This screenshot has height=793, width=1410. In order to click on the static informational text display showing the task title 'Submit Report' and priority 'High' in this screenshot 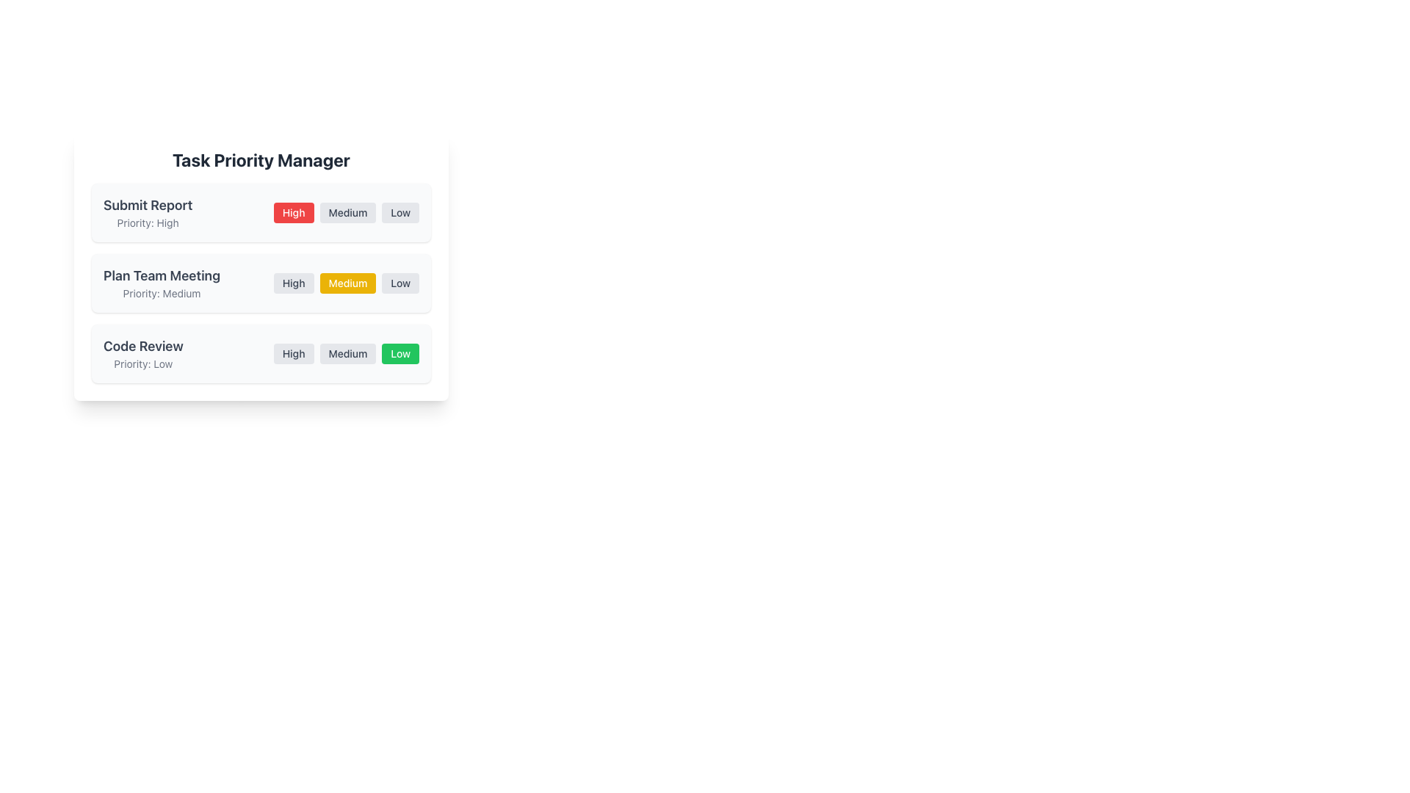, I will do `click(148, 212)`.